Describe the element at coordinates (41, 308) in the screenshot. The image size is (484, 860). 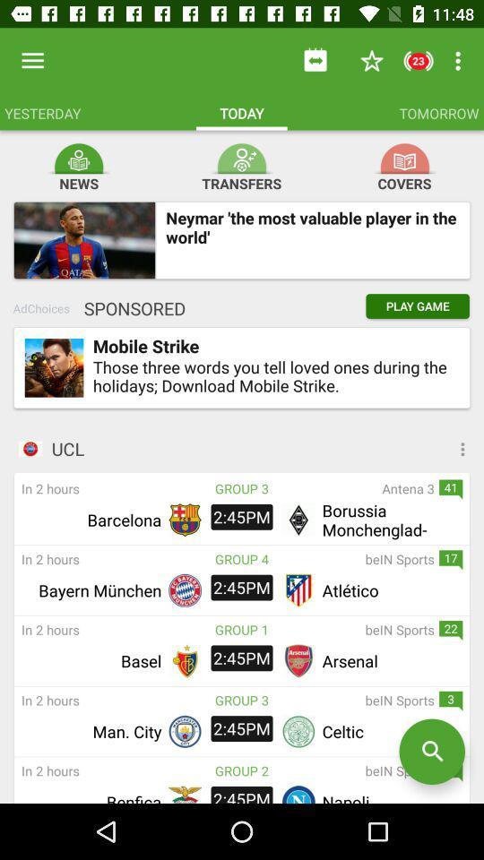
I see `item to the left of the sponsored item` at that location.